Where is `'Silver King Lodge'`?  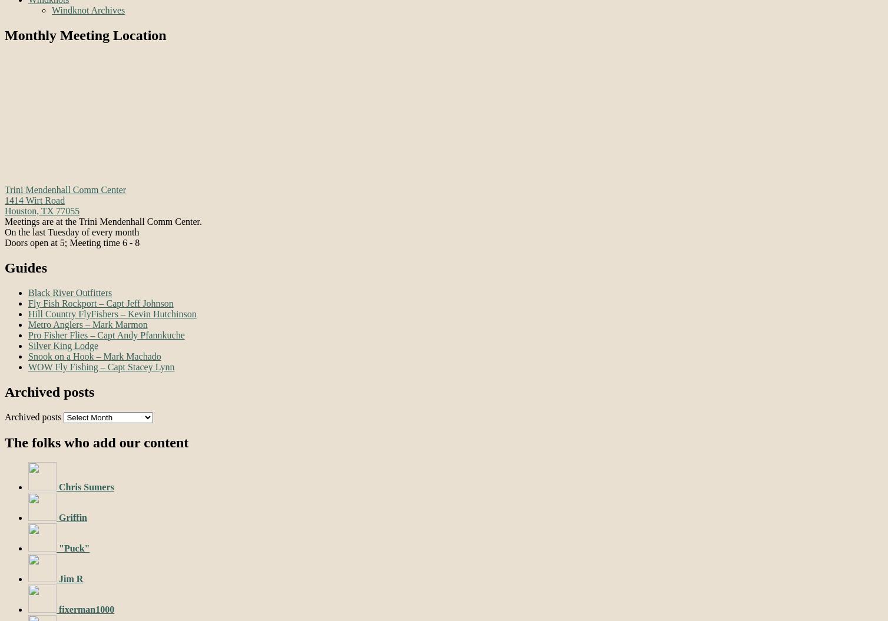 'Silver King Lodge' is located at coordinates (63, 344).